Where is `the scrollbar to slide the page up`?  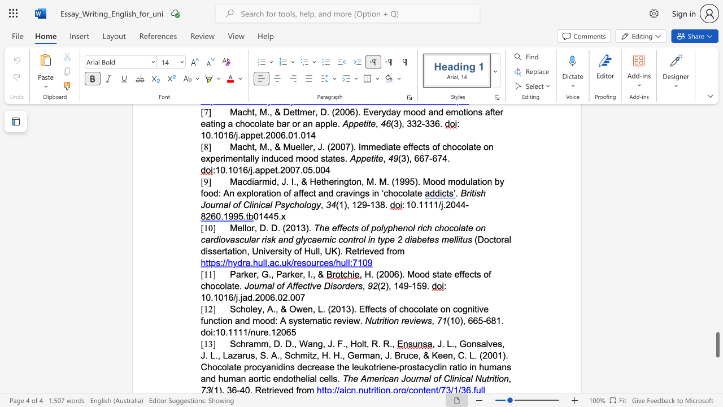
the scrollbar to slide the page up is located at coordinates (717, 260).